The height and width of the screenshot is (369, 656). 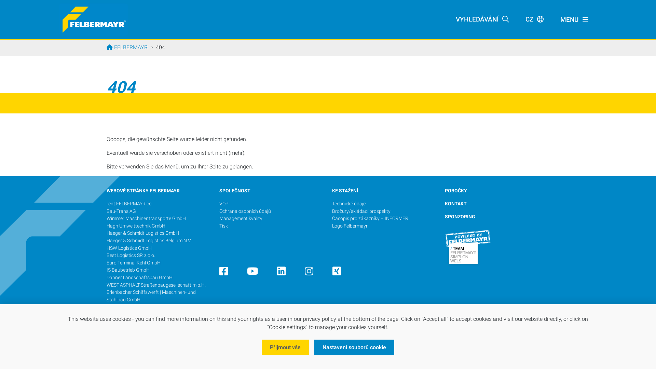 I want to click on 'Xing', so click(x=337, y=273).